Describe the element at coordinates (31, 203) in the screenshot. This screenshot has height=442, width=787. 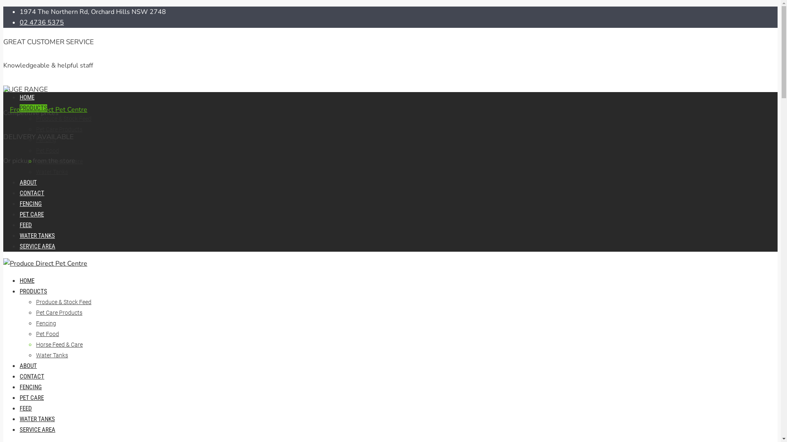
I see `'FENCING'` at that location.